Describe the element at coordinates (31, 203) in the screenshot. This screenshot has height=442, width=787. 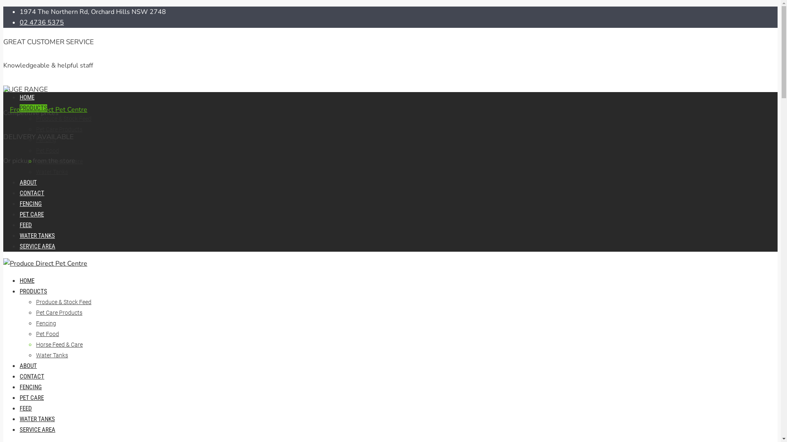
I see `'FENCING'` at that location.